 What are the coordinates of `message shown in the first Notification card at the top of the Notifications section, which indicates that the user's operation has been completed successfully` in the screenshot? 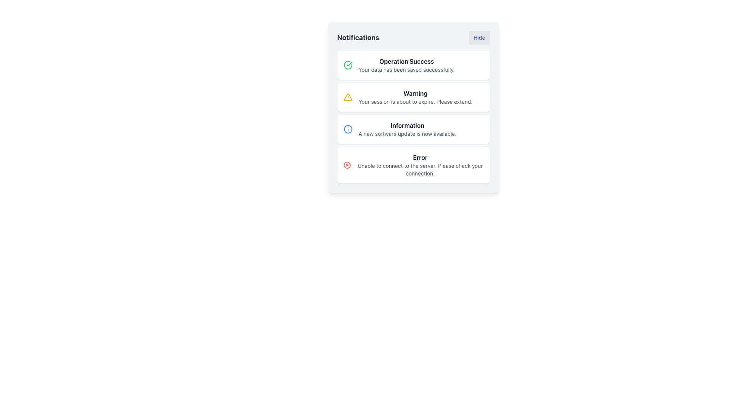 It's located at (413, 64).